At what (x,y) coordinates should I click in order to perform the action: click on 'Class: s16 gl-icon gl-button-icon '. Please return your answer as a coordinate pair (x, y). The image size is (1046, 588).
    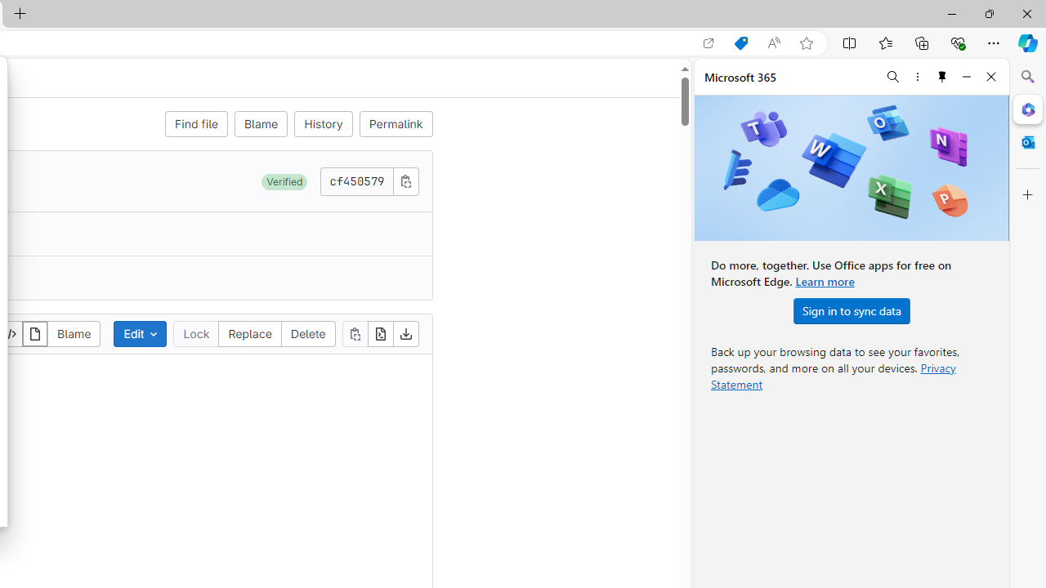
    Looking at the image, I should click on (405, 180).